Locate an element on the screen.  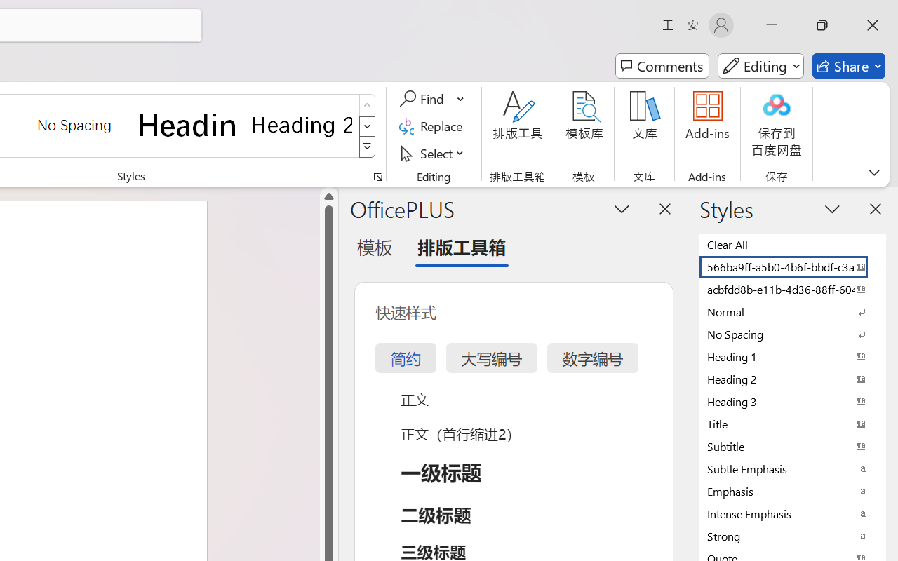
'Normal' is located at coordinates (793, 311).